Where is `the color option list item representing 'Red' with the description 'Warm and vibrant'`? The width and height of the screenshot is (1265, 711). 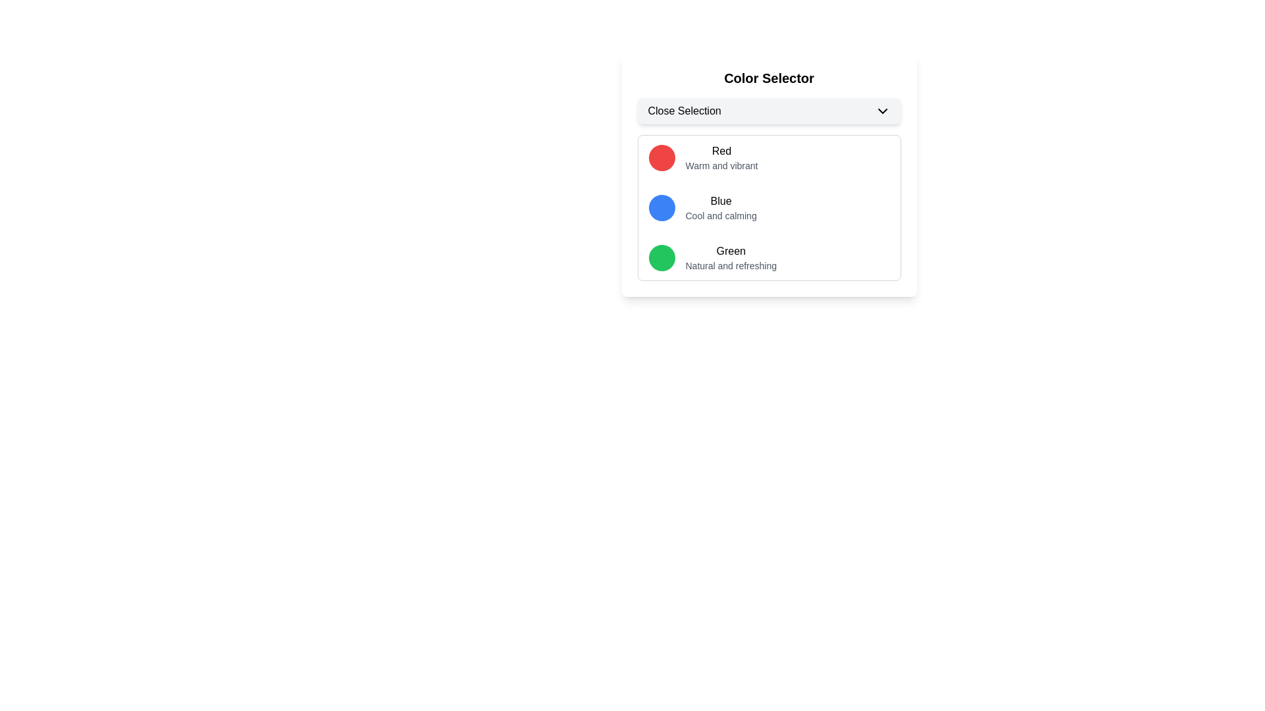 the color option list item representing 'Red' with the description 'Warm and vibrant' is located at coordinates (769, 157).